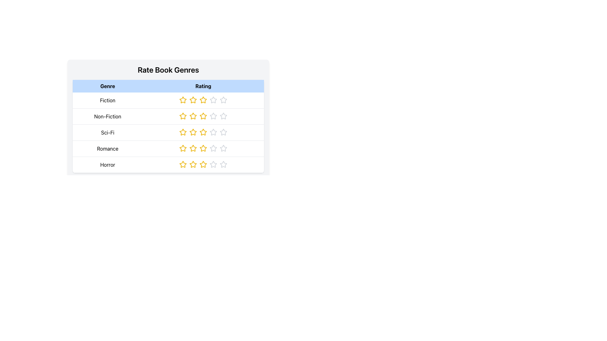 This screenshot has width=607, height=341. I want to click on the third star rating icon in the second row under the 'Rating' column, which represents a rating option for the 'Non-Fiction' genre, so click(213, 116).